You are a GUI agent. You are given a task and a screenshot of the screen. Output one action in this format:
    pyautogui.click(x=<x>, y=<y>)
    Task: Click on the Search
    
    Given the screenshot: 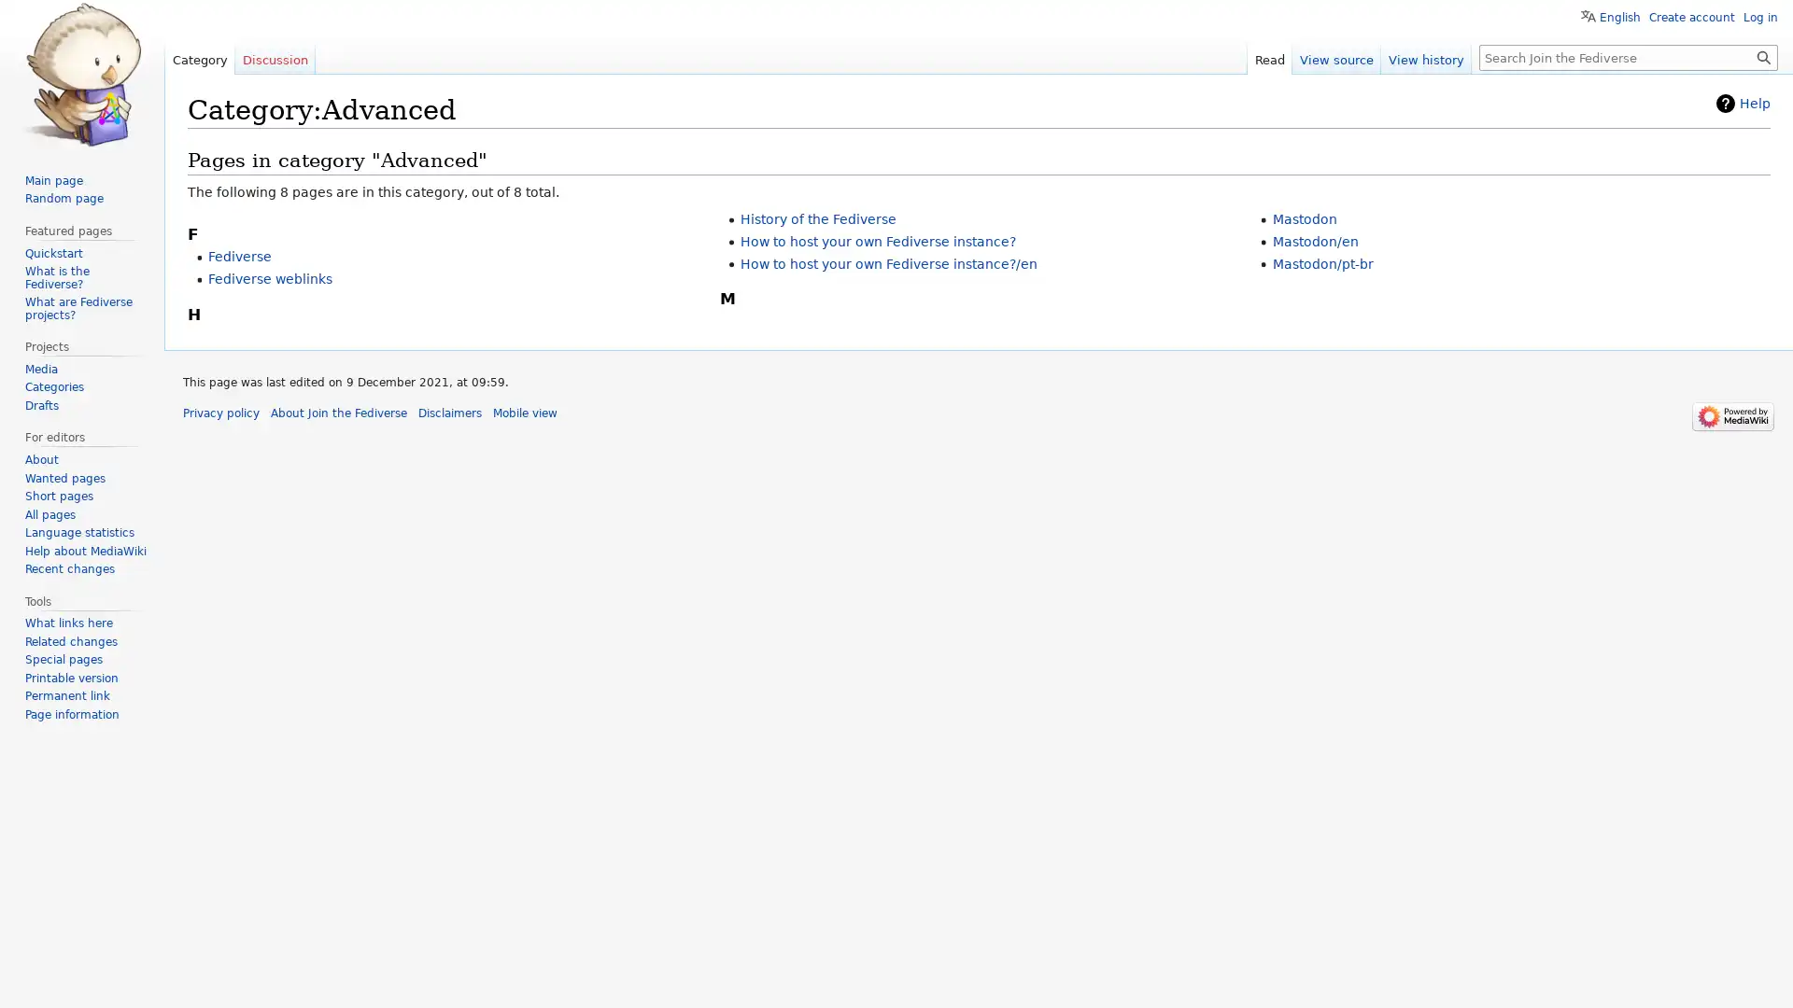 What is the action you would take?
    pyautogui.click(x=1763, y=56)
    